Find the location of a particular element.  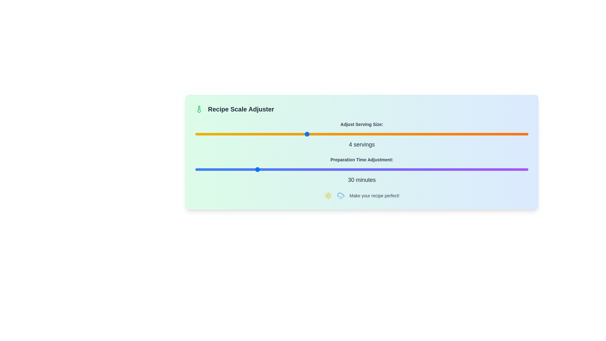

the preparation time is located at coordinates (437, 169).